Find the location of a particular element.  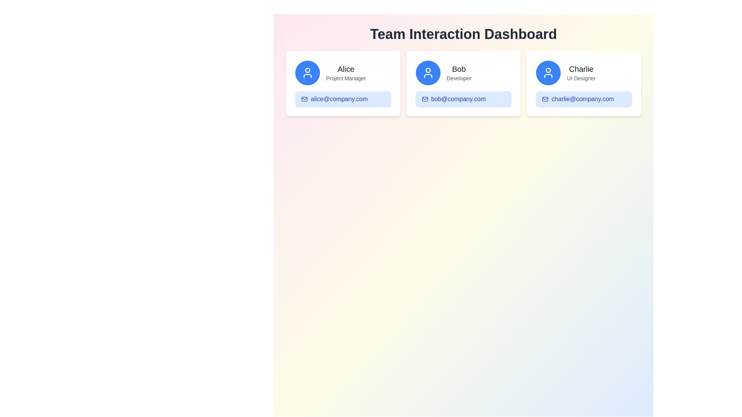

the blue circular icon with a white user silhouette located in the first card on the left, above the 'Alice' name text is located at coordinates (307, 73).